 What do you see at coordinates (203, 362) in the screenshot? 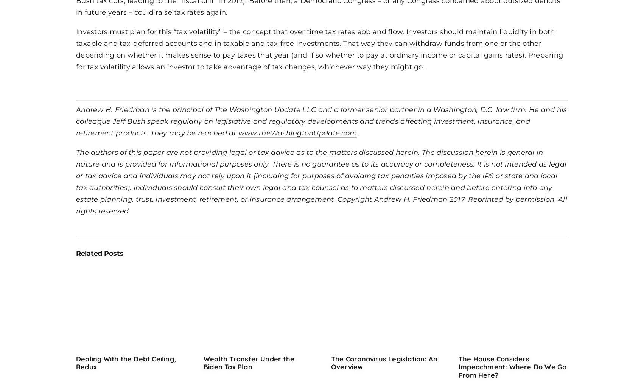
I see `'Wealth Transfer Under the Biden Tax Plan'` at bounding box center [203, 362].